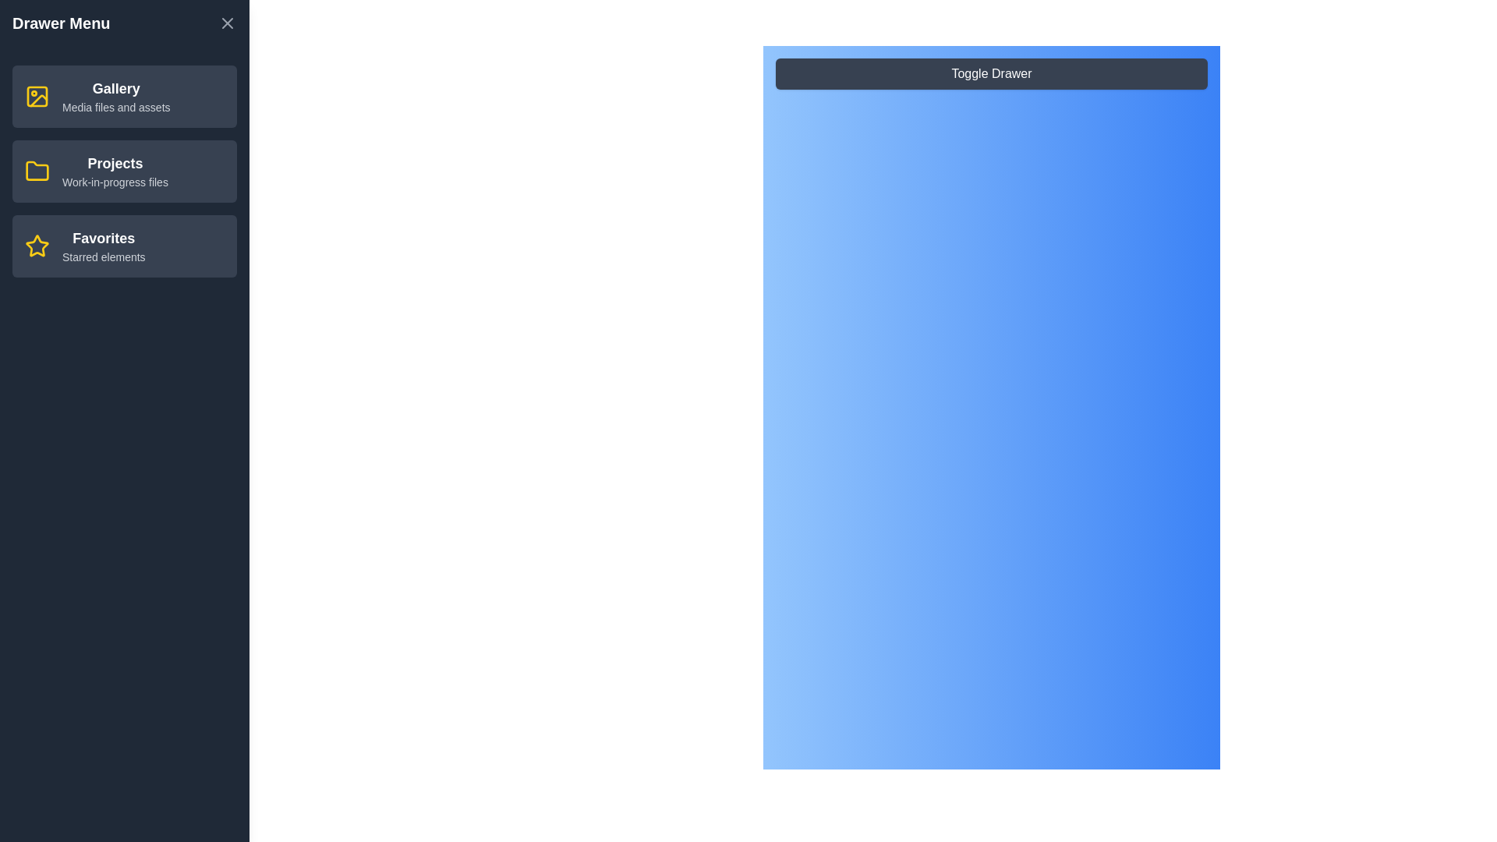  What do you see at coordinates (123, 246) in the screenshot?
I see `the menu item Favorites from the drawer` at bounding box center [123, 246].